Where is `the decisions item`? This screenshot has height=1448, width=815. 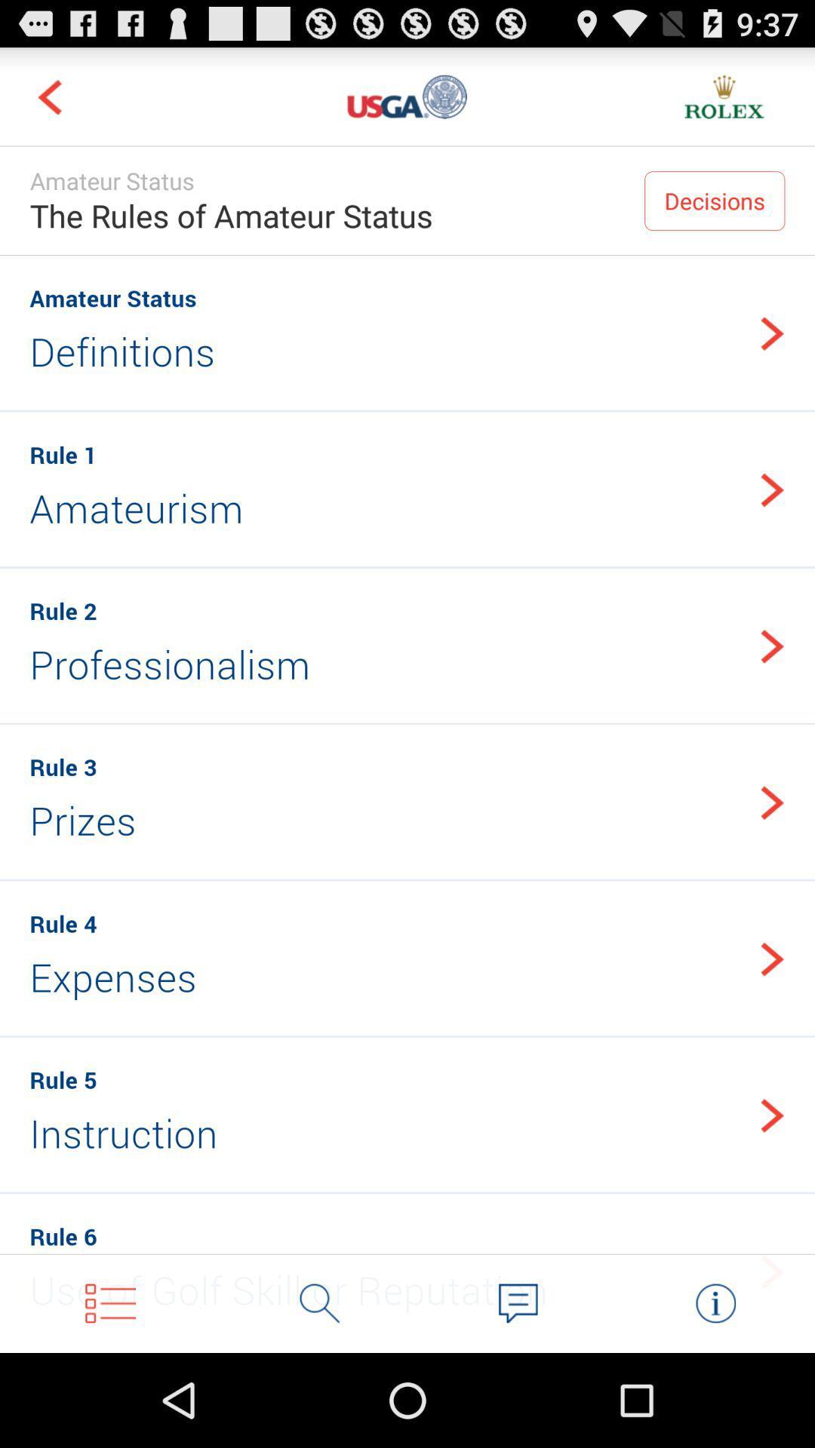 the decisions item is located at coordinates (714, 200).